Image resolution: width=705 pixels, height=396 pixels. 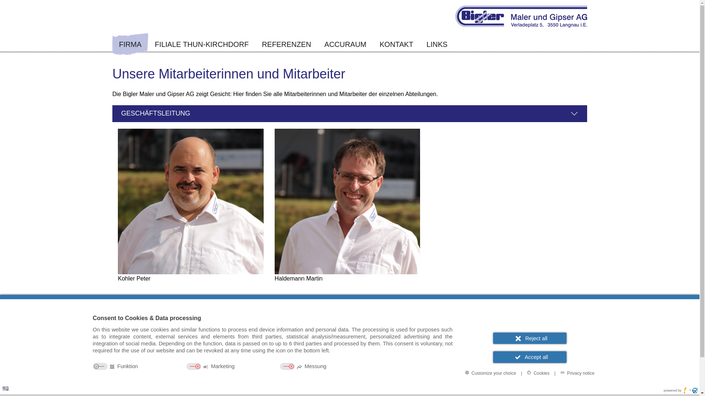 I want to click on 'LINKS', so click(x=437, y=44).